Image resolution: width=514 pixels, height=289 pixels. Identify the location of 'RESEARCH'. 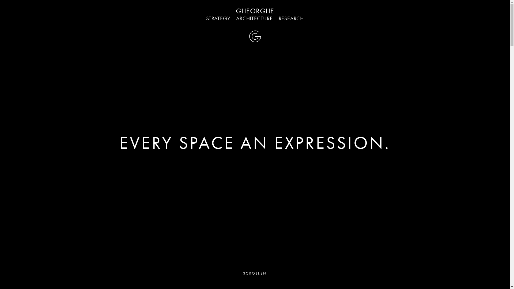
(291, 18).